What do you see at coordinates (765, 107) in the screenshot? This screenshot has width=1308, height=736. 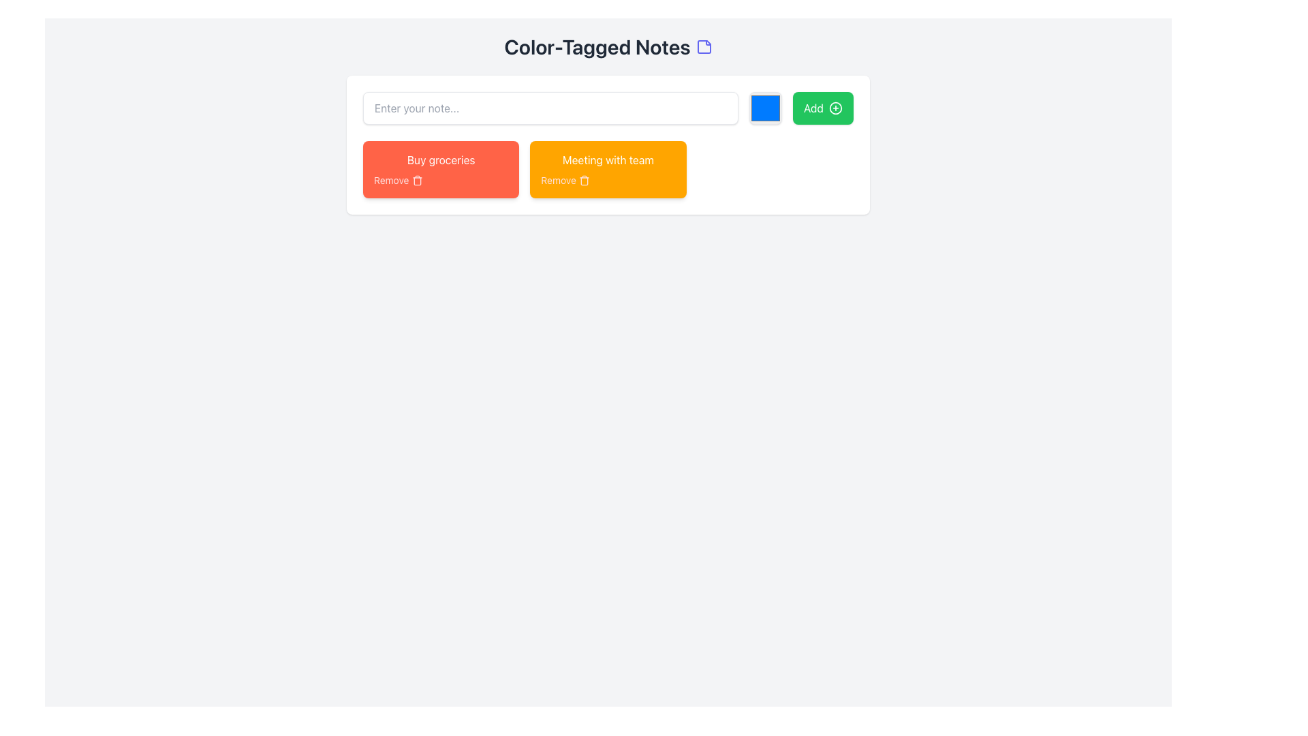 I see `the Color picker button, which is a blue 12x12 pixel box with rounded corners and a shadow effect` at bounding box center [765, 107].